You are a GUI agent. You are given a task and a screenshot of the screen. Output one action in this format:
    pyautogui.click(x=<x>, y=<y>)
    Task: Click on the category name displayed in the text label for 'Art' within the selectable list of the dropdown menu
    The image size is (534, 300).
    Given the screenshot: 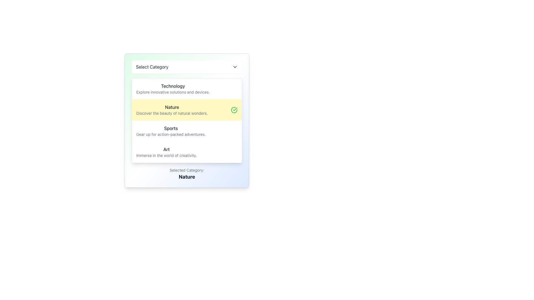 What is the action you would take?
    pyautogui.click(x=166, y=149)
    